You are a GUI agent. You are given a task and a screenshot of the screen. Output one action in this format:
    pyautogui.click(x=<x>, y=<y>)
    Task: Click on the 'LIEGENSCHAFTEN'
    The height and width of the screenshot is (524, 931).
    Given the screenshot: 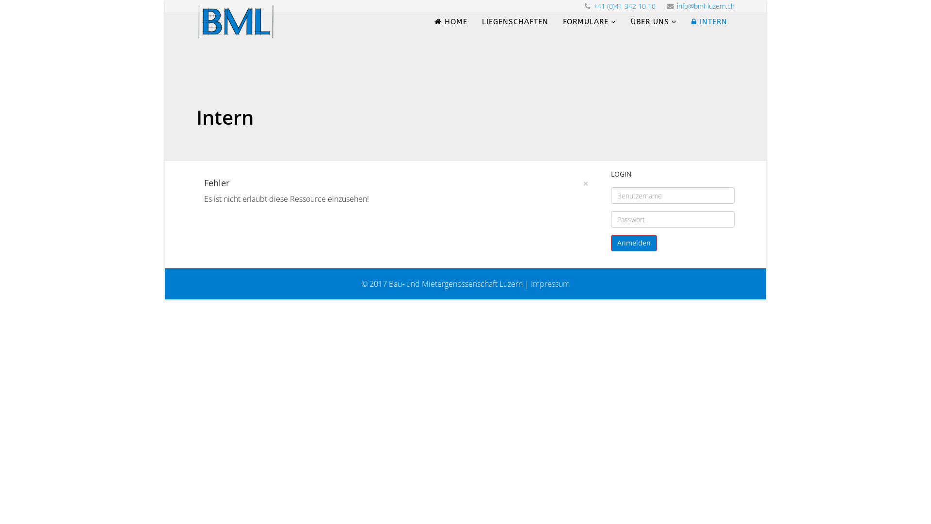 What is the action you would take?
    pyautogui.click(x=514, y=22)
    